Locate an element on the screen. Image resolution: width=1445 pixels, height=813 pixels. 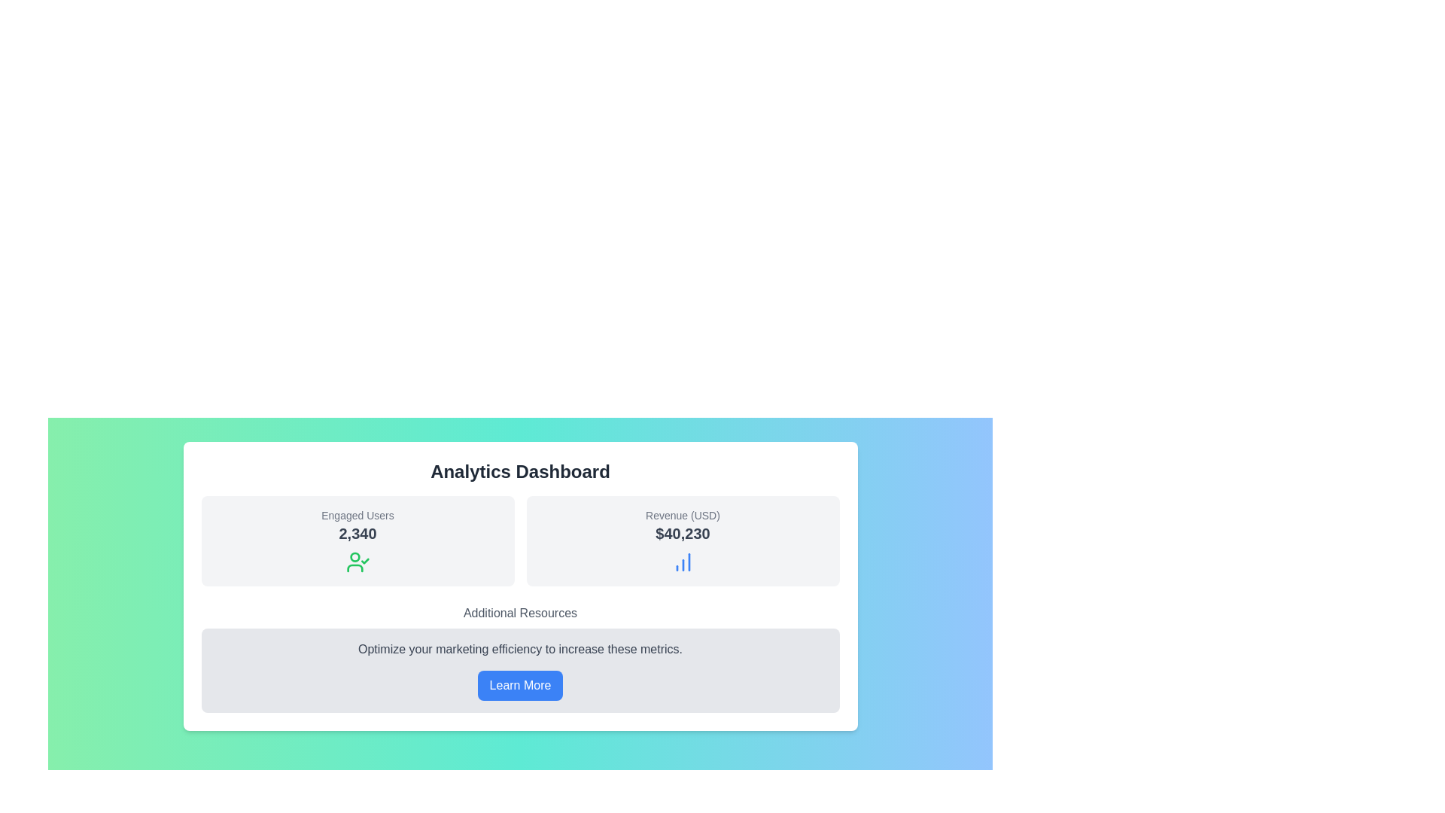
Statistical card element displaying 'Engaged Users' with the value '2,340' and a user checkmark icon, located in the top-left corner of the grid layout is located at coordinates (357, 540).